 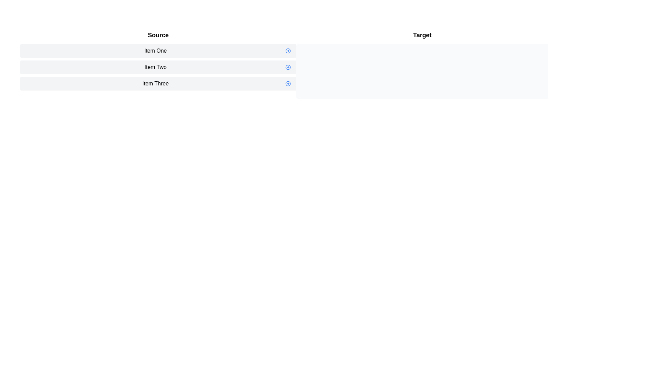 I want to click on the text display element labeled 'Item Three', which is the third item in a vertical list and positioned to the left of the action icon, so click(x=155, y=83).